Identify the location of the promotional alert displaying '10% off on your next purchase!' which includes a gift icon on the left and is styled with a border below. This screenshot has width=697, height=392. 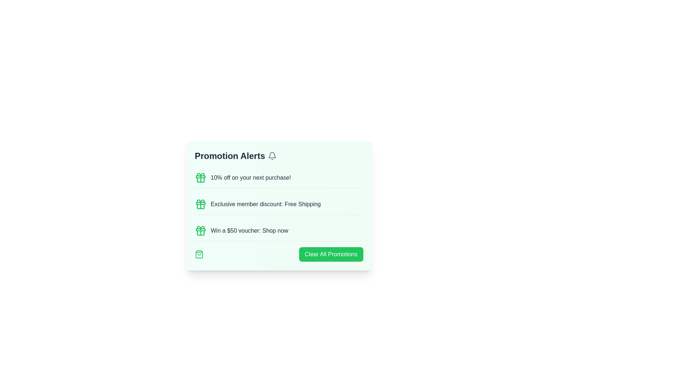
(278, 178).